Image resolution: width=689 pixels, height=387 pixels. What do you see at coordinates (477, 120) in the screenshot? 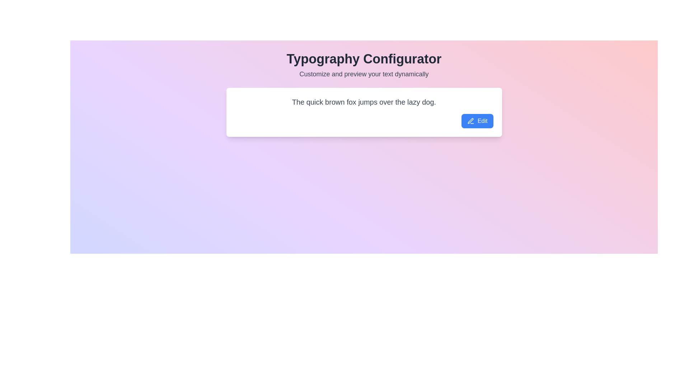
I see `the interactive edit button located at the bottom right of the white card to observe the background color change` at bounding box center [477, 120].